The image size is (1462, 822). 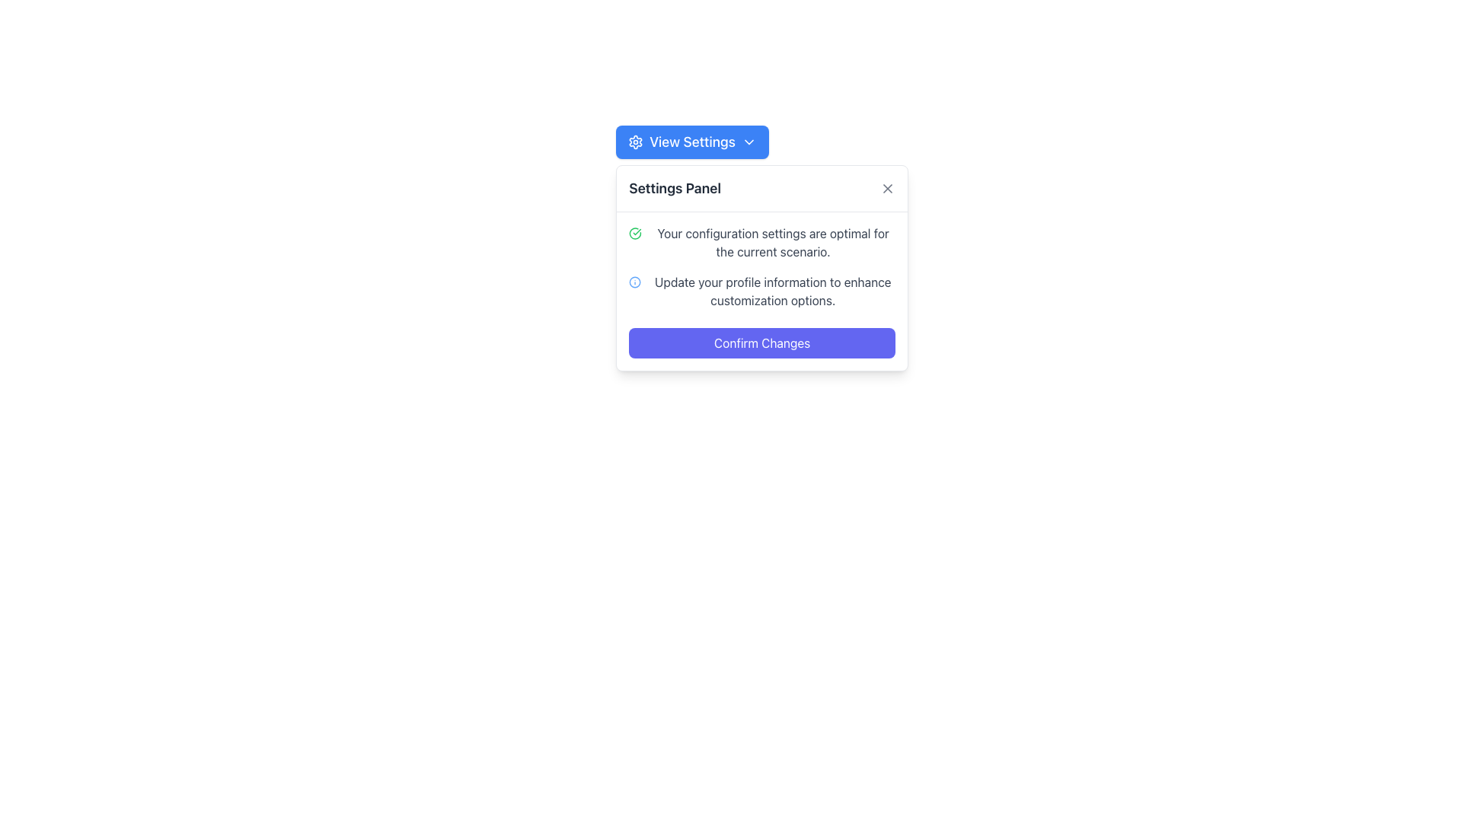 What do you see at coordinates (674, 187) in the screenshot?
I see `the title text label of the settings modal, which is positioned at the top left of the modal interface` at bounding box center [674, 187].